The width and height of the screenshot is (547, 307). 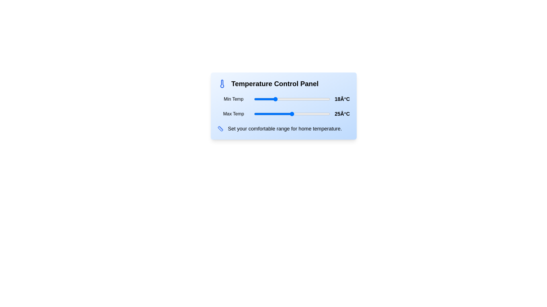 I want to click on the maximum temperature slider to 20°C, so click(x=279, y=114).